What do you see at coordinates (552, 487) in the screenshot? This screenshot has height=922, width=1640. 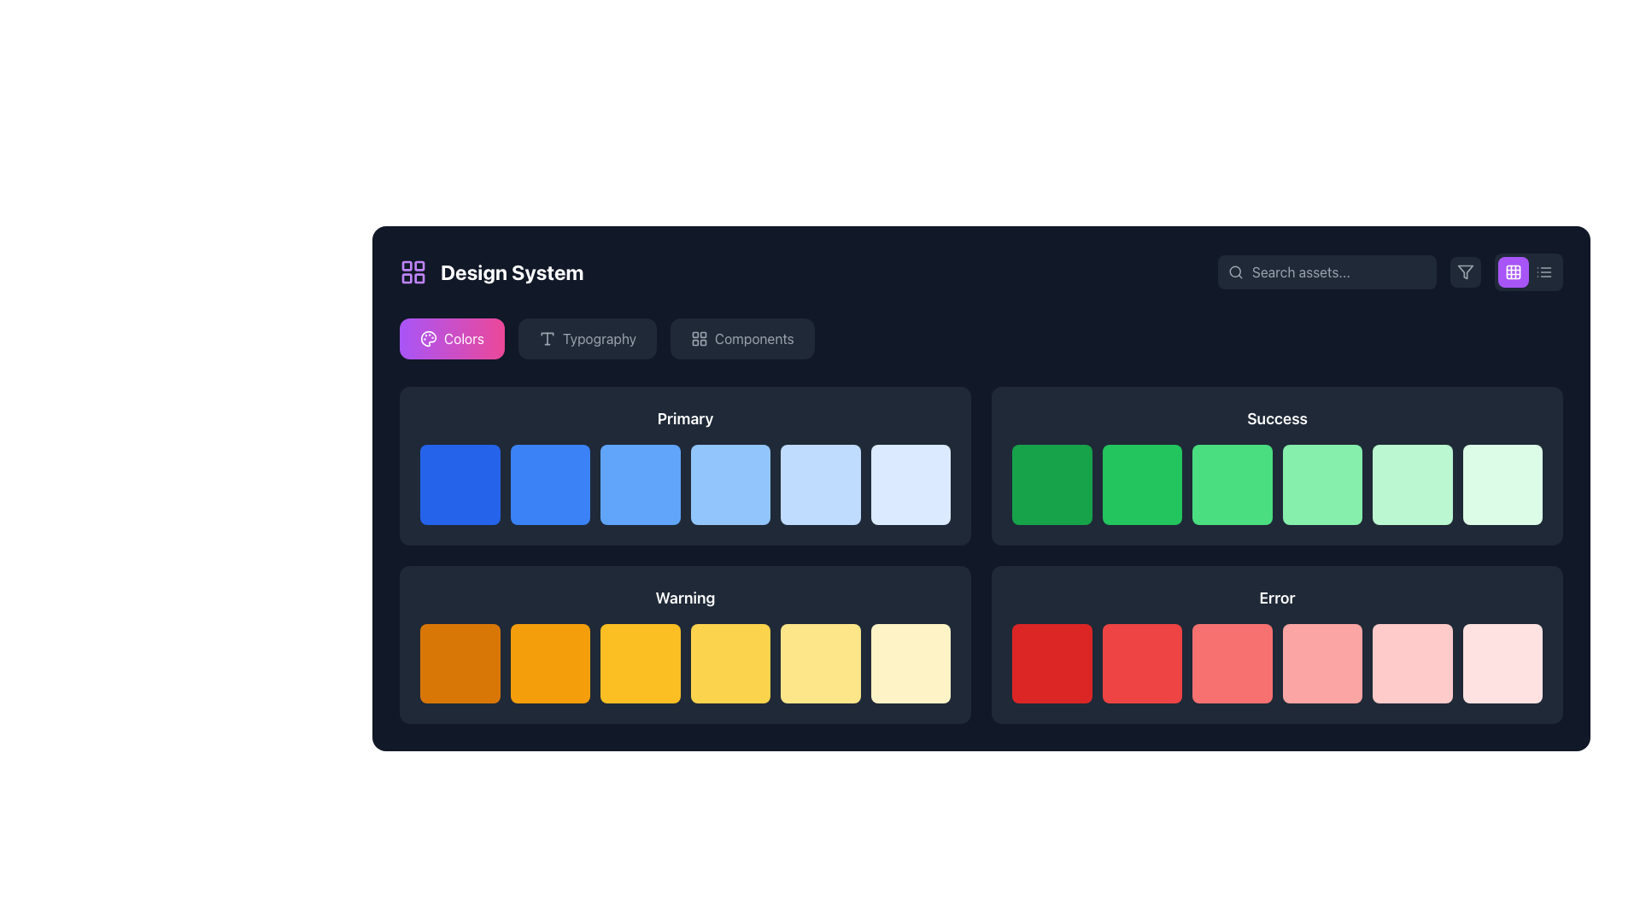 I see `the SVG graphic component that is part of a button-like feature in the middle row of the interface` at bounding box center [552, 487].